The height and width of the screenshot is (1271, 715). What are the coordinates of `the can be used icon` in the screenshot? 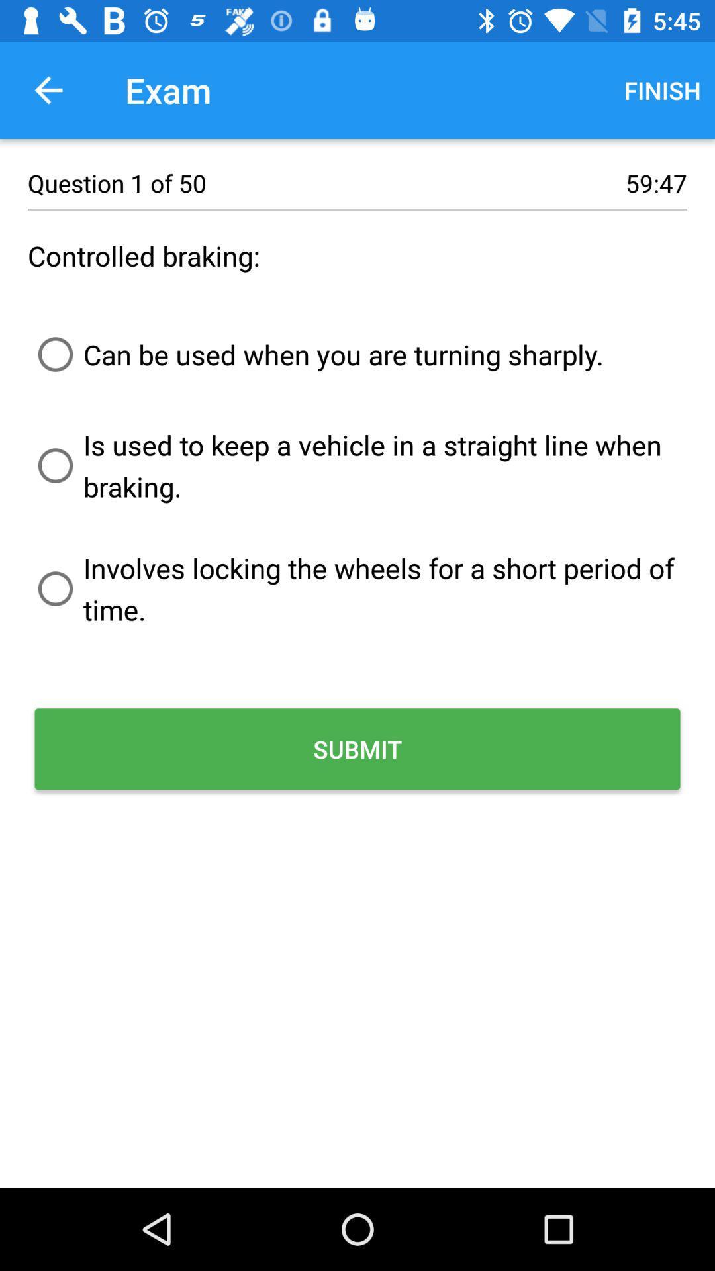 It's located at (316, 354).